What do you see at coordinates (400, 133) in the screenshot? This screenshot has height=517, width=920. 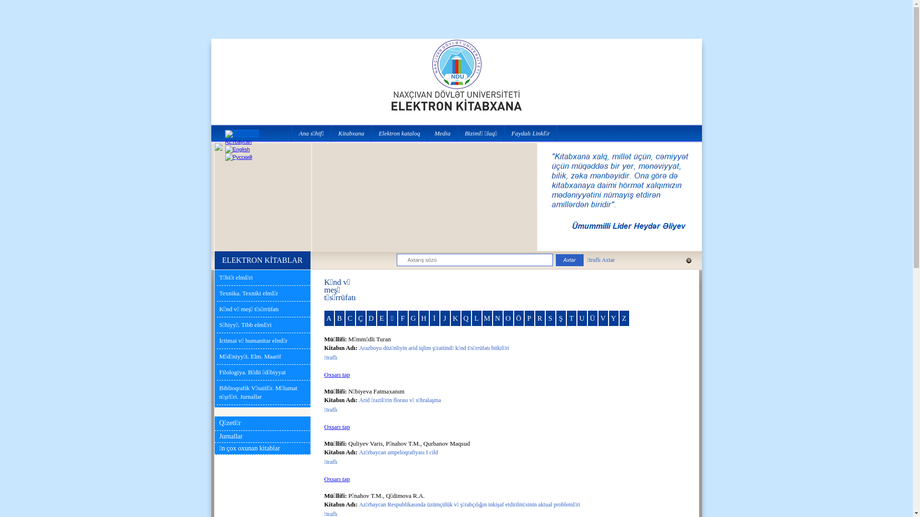 I see `'Elektron kataloq'` at bounding box center [400, 133].